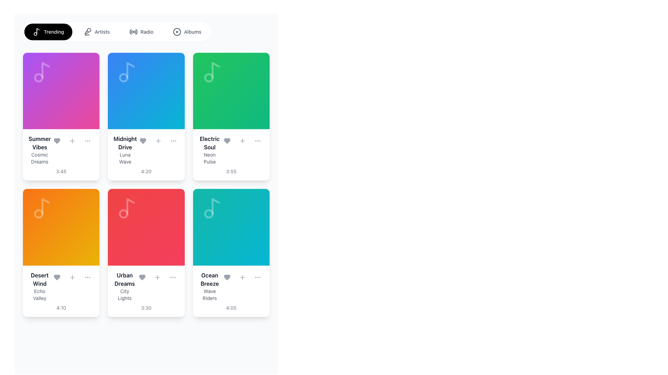 This screenshot has width=668, height=375. I want to click on the central interactive button within the 'Electric Soul' card to scale it up, so click(231, 91).